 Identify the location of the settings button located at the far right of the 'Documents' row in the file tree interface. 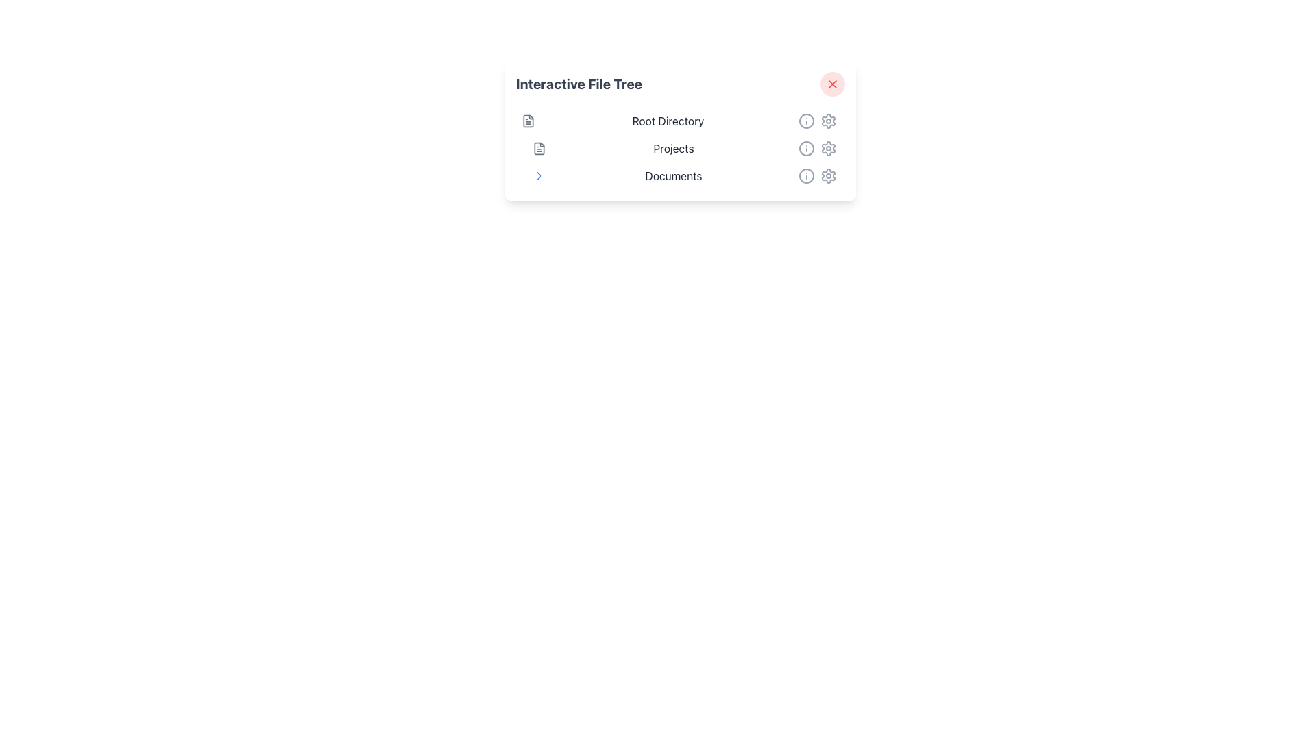
(828, 175).